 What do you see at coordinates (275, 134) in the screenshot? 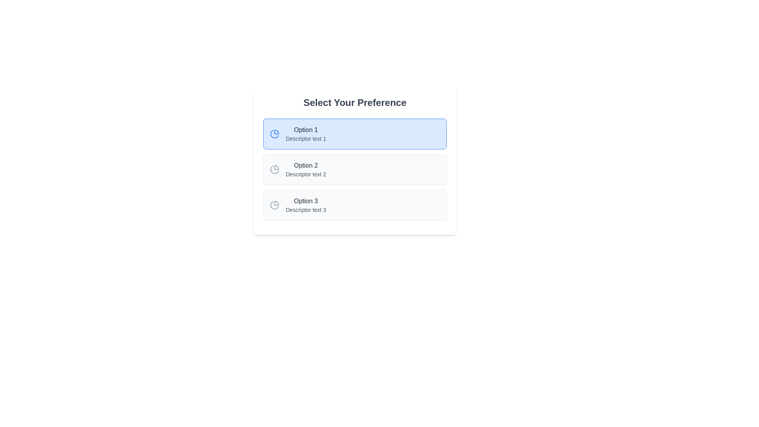
I see `the blue pie chart icon located at the top left corner of the 'Option 1' card in the vertically stacked list of options` at bounding box center [275, 134].